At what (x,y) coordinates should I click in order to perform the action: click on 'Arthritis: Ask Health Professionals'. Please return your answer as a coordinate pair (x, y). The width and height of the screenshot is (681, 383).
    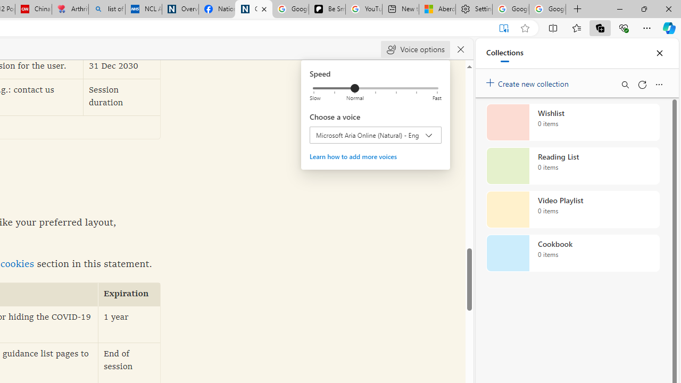
    Looking at the image, I should click on (70, 9).